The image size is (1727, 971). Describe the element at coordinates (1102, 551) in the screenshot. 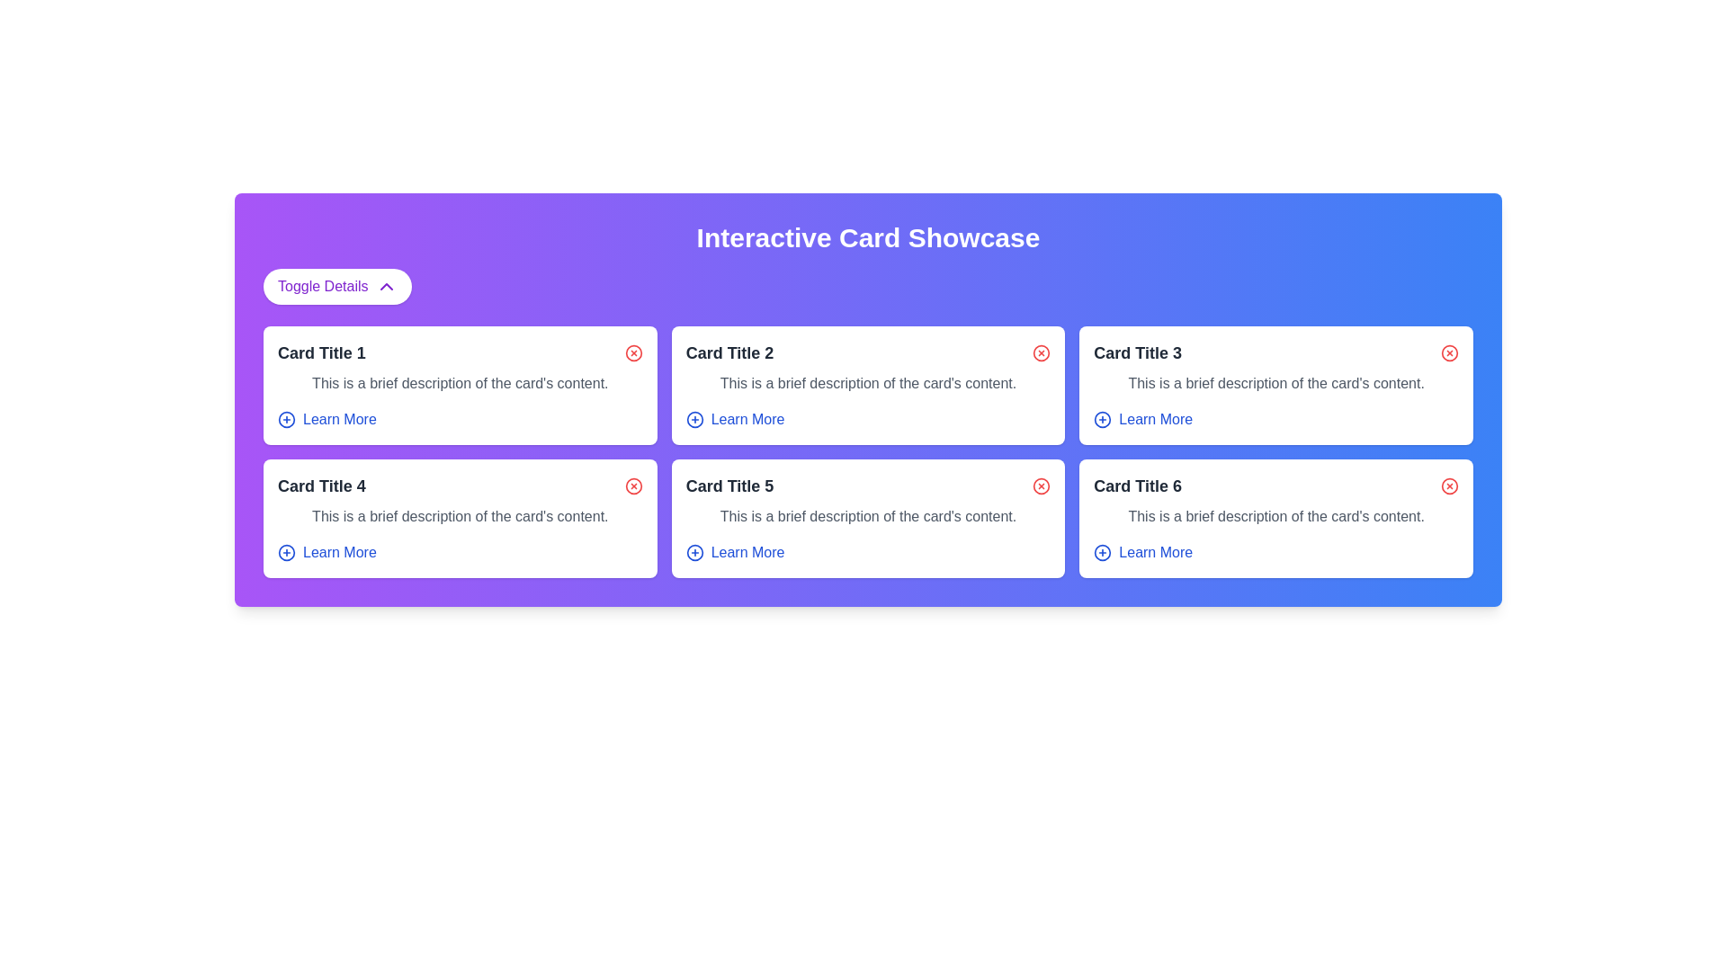

I see `the icon located in the 'Learn More' section of 'Card Title 6'` at that location.